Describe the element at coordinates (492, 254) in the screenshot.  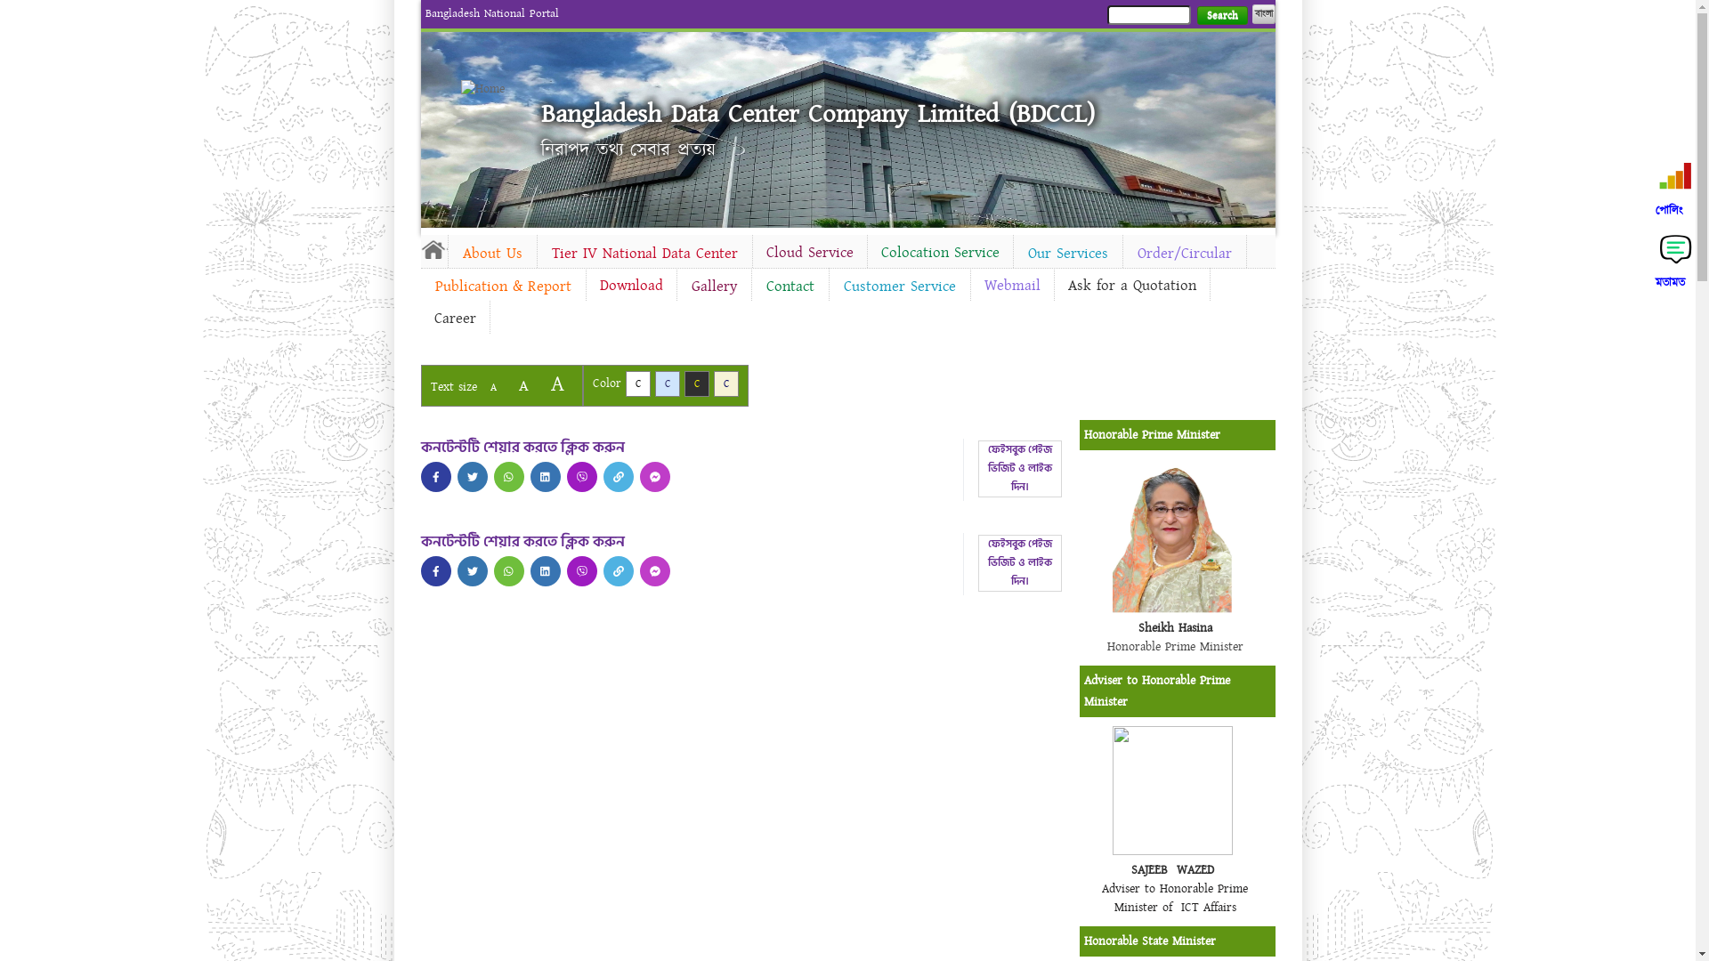
I see `'About Us'` at that location.